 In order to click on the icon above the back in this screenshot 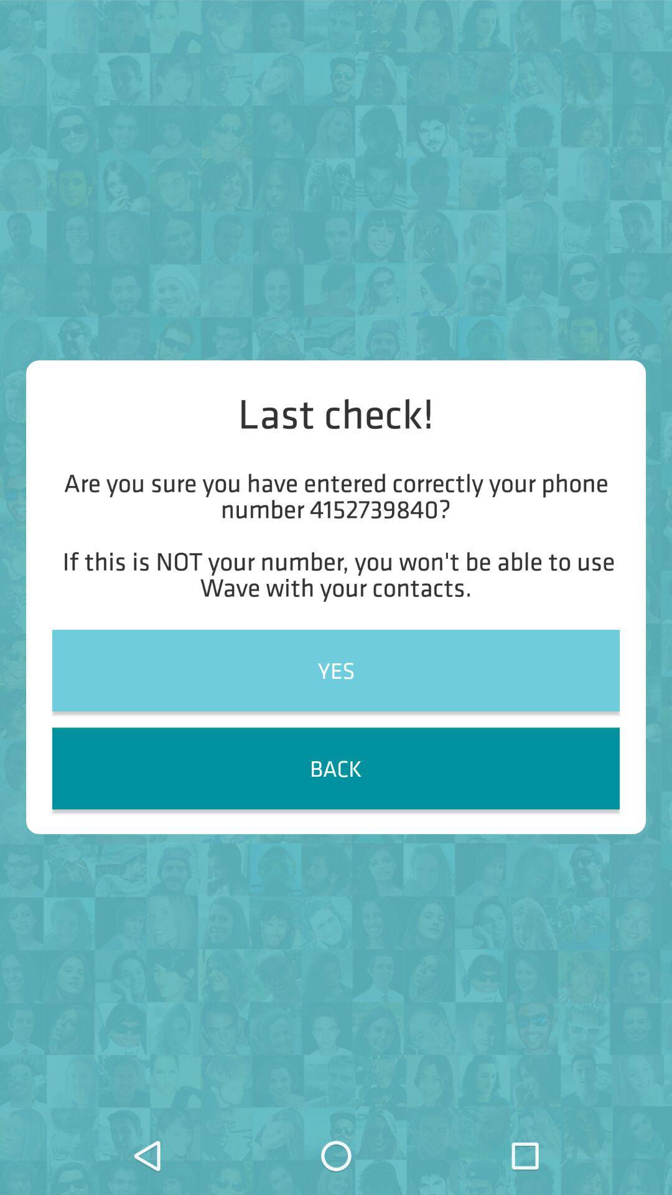, I will do `click(336, 670)`.